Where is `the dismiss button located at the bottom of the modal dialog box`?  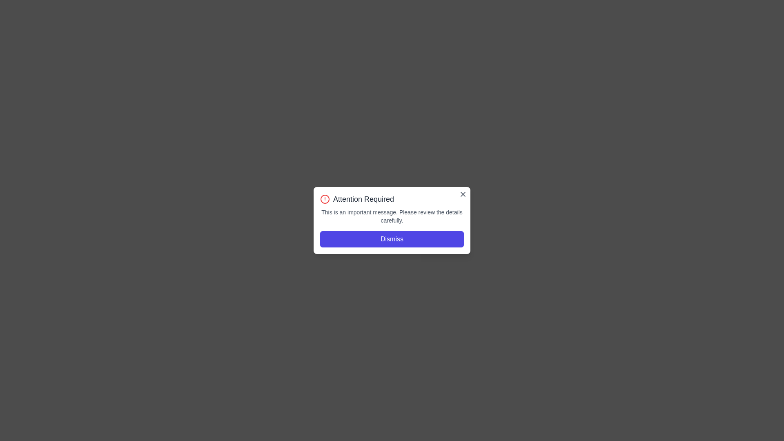 the dismiss button located at the bottom of the modal dialog box is located at coordinates (392, 239).